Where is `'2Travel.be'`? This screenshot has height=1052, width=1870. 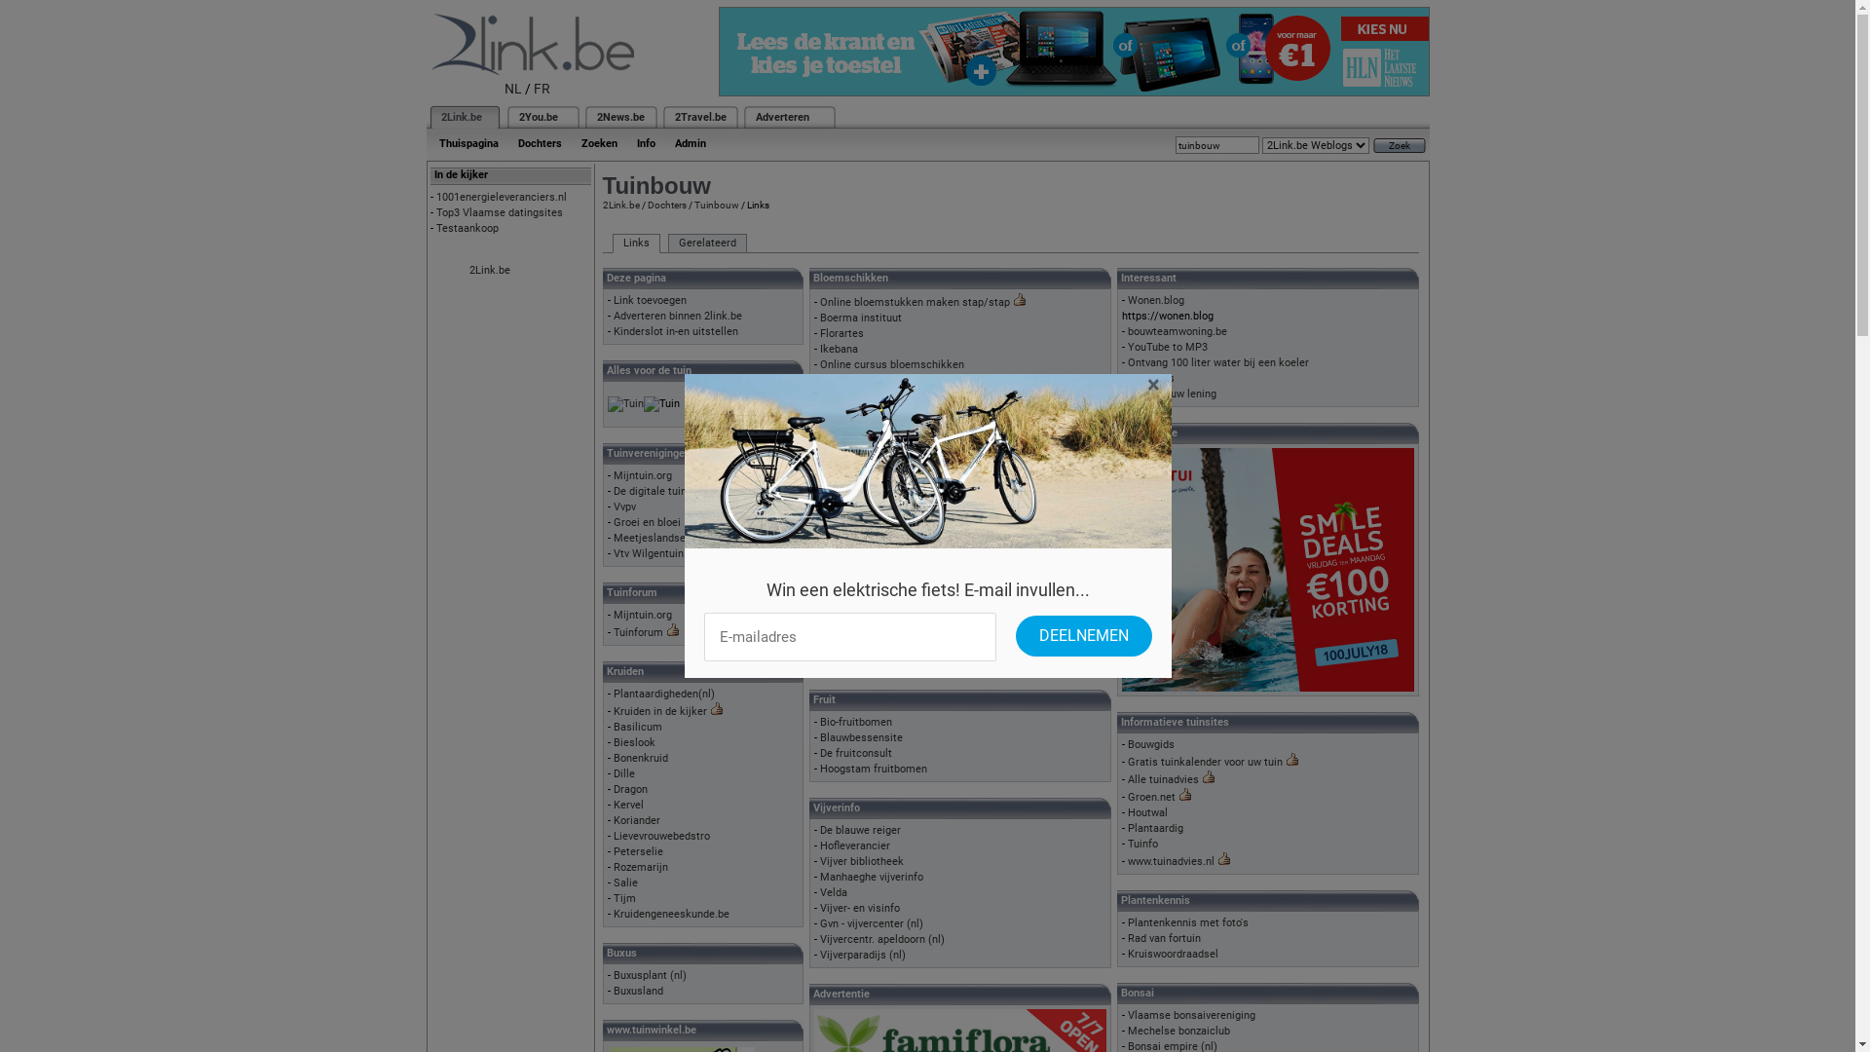
'2Travel.be' is located at coordinates (699, 117).